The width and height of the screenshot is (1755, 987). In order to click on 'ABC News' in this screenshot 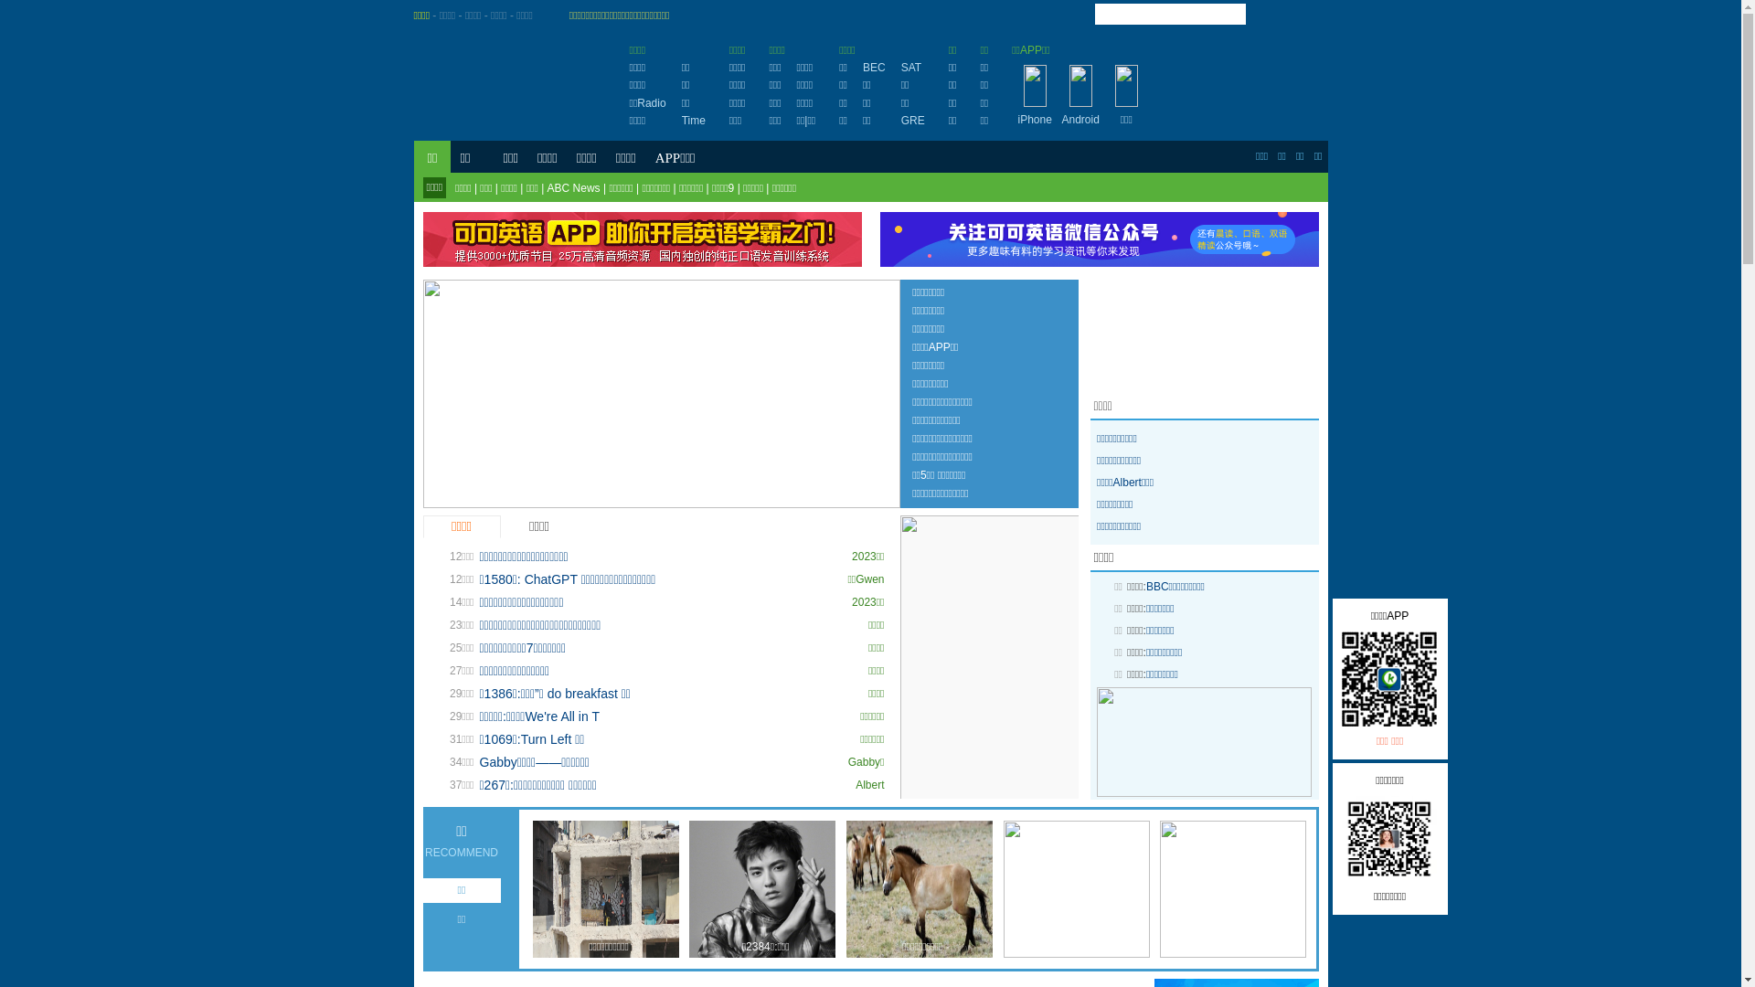, I will do `click(573, 187)`.